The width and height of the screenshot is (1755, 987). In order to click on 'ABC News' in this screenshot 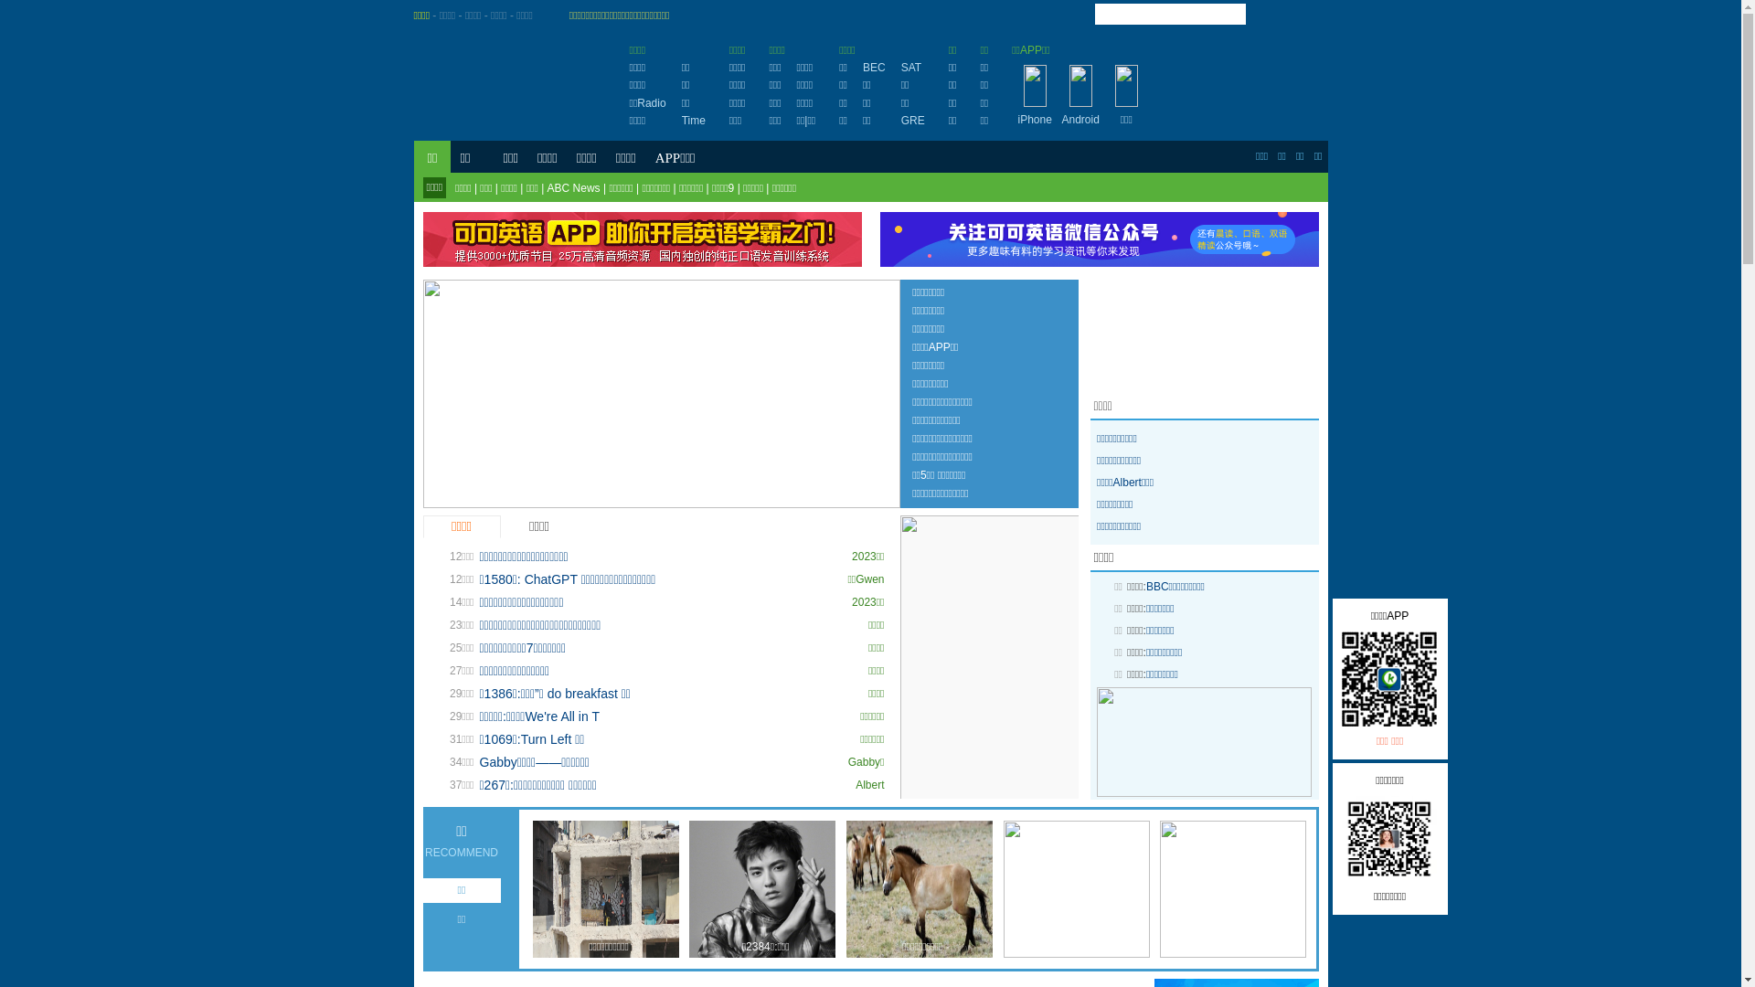, I will do `click(573, 187)`.